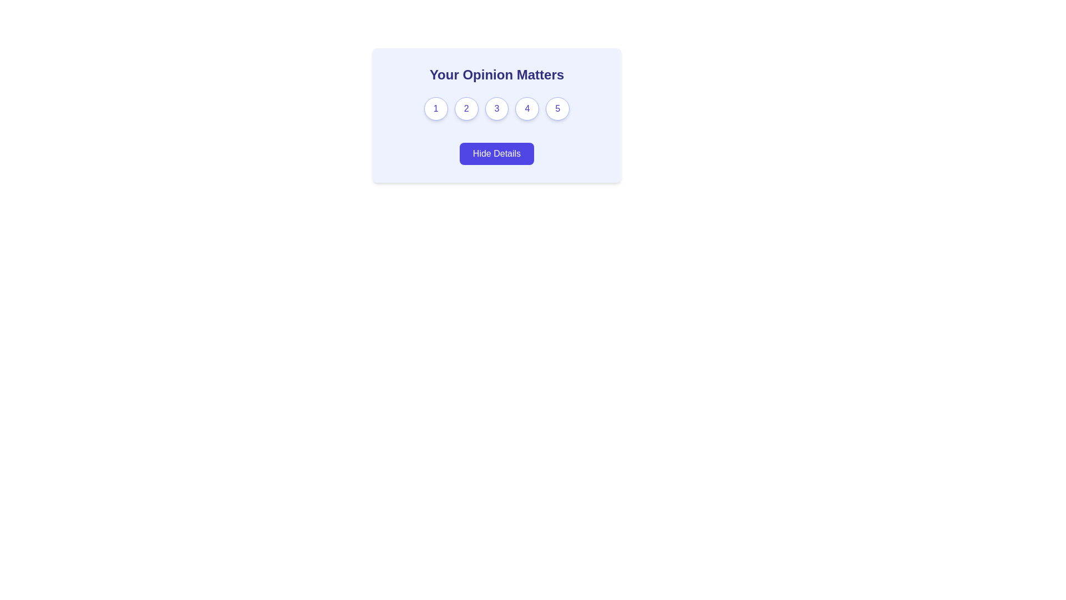 The width and height of the screenshot is (1066, 600). What do you see at coordinates (466, 109) in the screenshot?
I see `the circular button with a white background and blue border that displays the number '2' in bold blue text` at bounding box center [466, 109].